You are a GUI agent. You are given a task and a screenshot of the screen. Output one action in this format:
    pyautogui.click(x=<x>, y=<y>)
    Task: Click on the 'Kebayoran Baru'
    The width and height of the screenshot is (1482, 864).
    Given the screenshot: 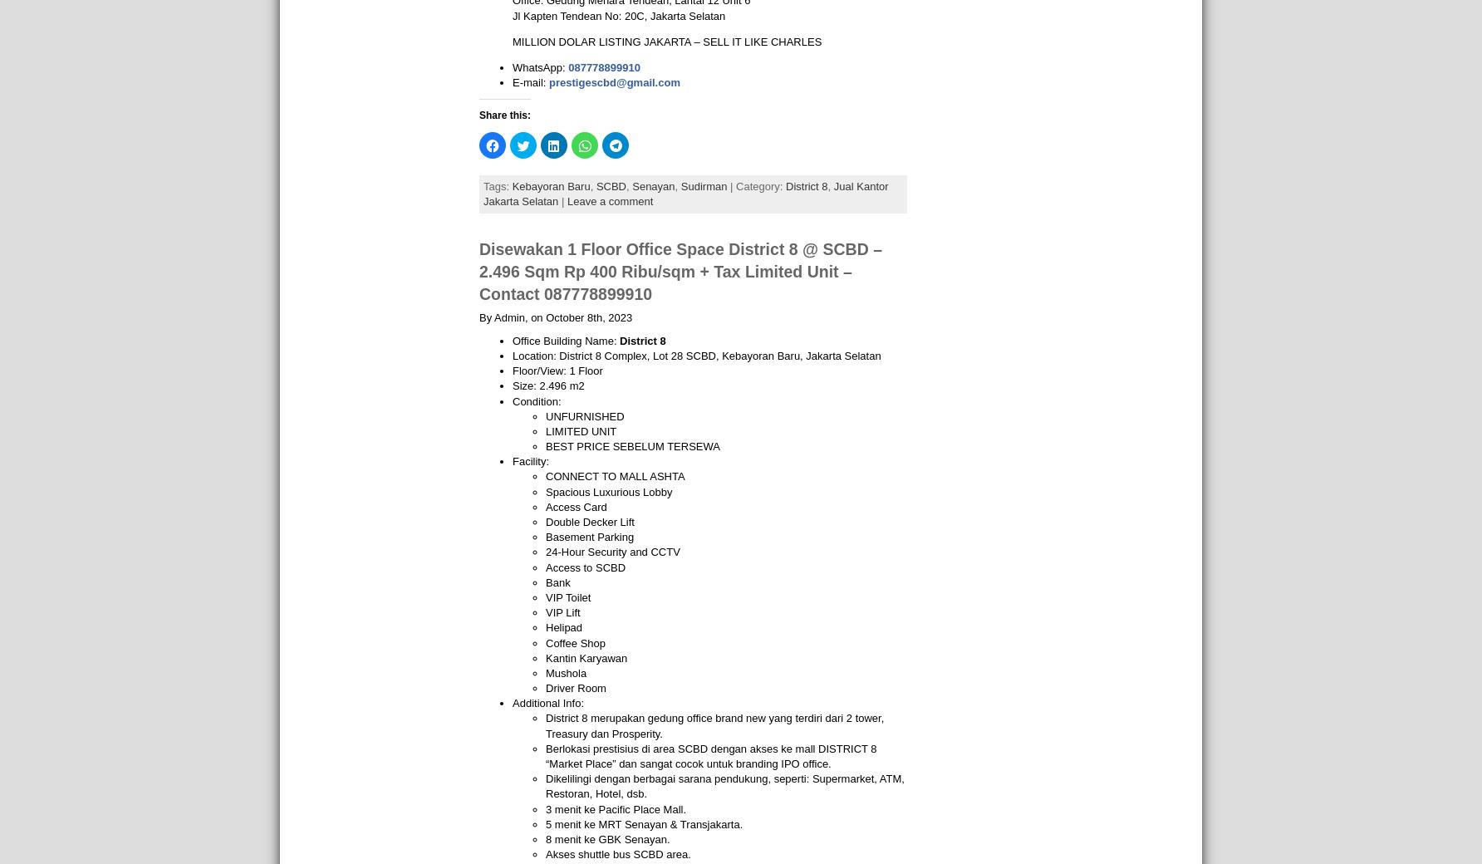 What is the action you would take?
    pyautogui.click(x=549, y=185)
    